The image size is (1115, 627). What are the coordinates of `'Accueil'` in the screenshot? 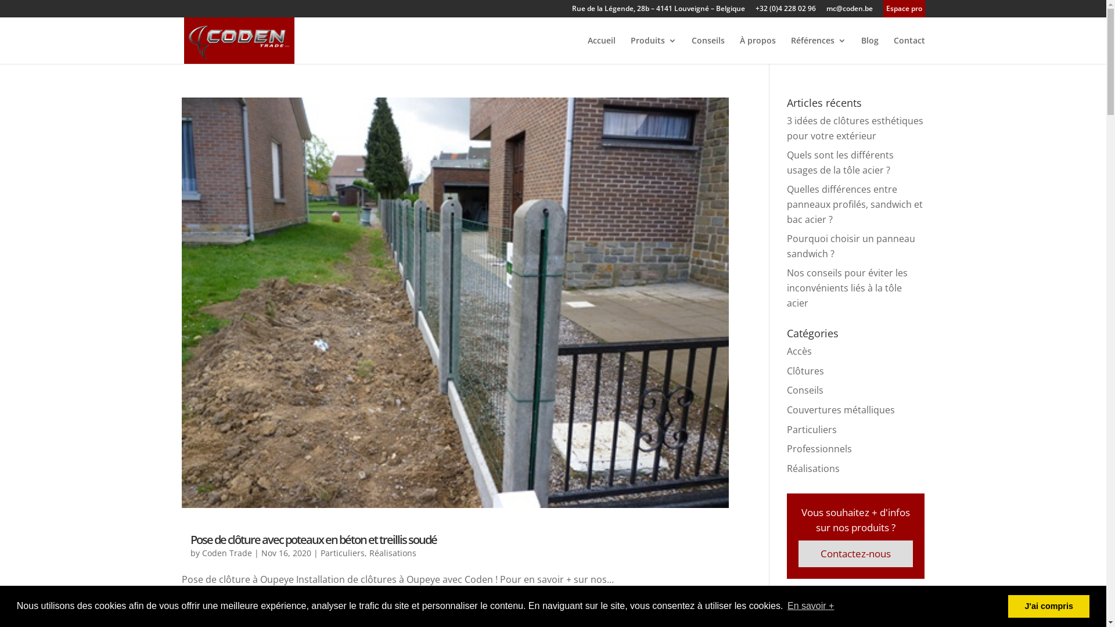 It's located at (602, 49).